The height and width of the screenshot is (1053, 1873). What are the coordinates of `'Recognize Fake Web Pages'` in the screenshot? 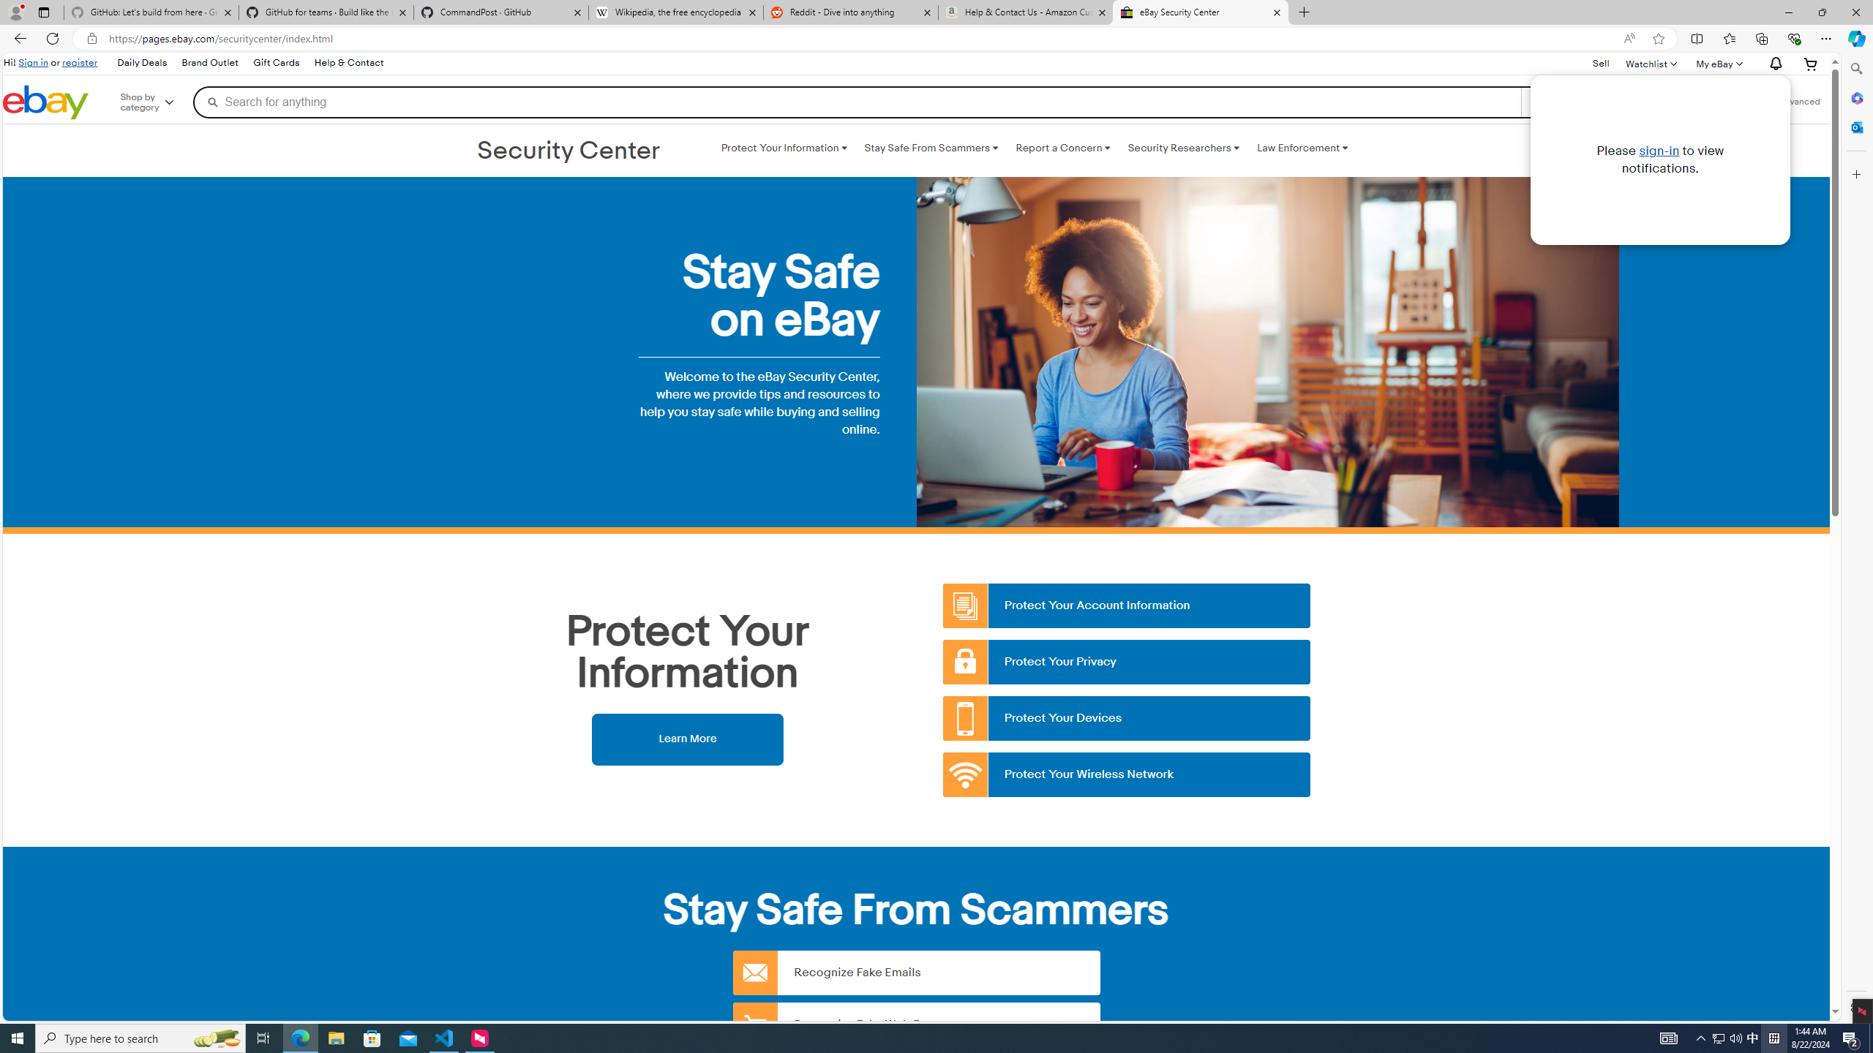 It's located at (916, 1024).